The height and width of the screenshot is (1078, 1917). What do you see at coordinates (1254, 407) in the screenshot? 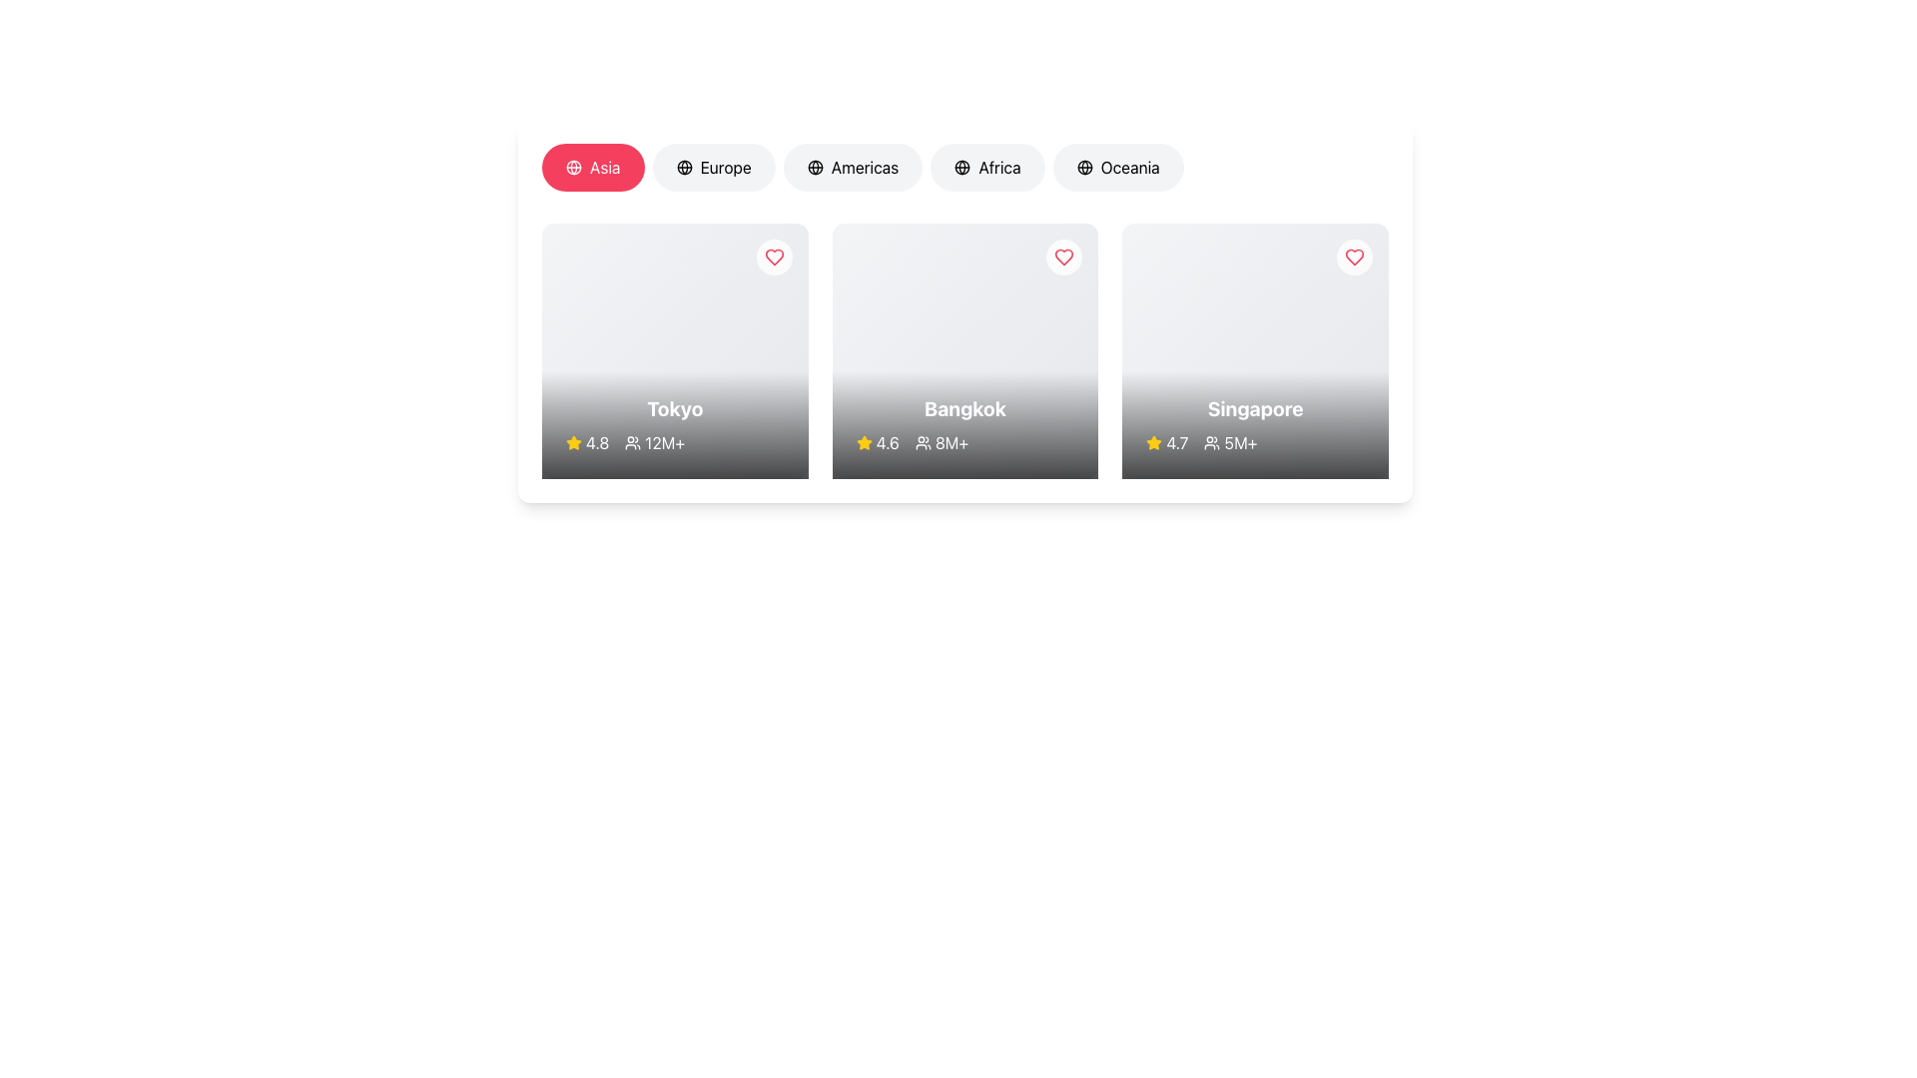
I see `the right-aligned text label identifying the content of the card for Singapore, located in the bottom section of the card layout` at bounding box center [1254, 407].